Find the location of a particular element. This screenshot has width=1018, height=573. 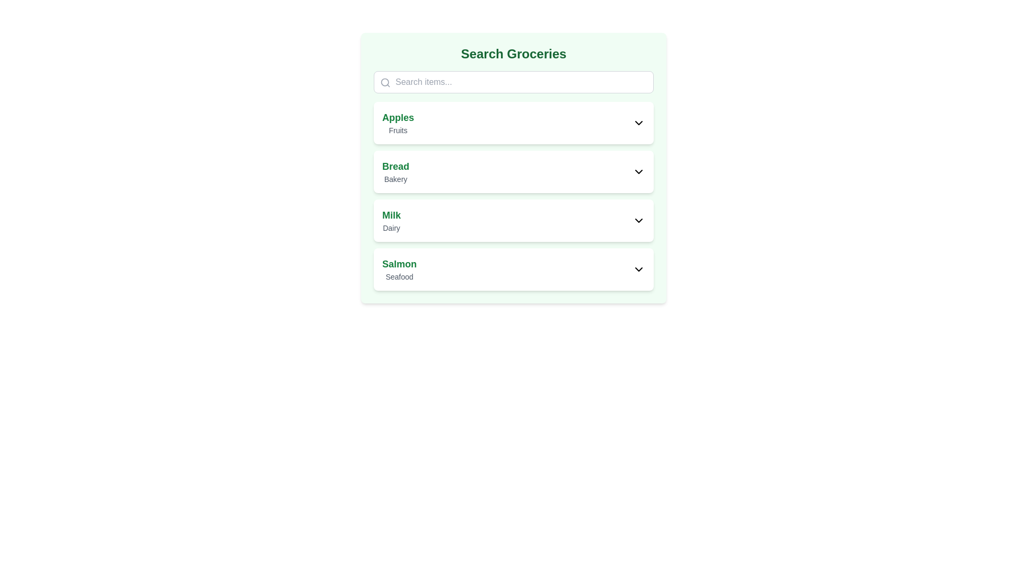

the 'Salmon Seafood' selectable card, which is the fourth option in a vertically aligned list is located at coordinates (514, 269).